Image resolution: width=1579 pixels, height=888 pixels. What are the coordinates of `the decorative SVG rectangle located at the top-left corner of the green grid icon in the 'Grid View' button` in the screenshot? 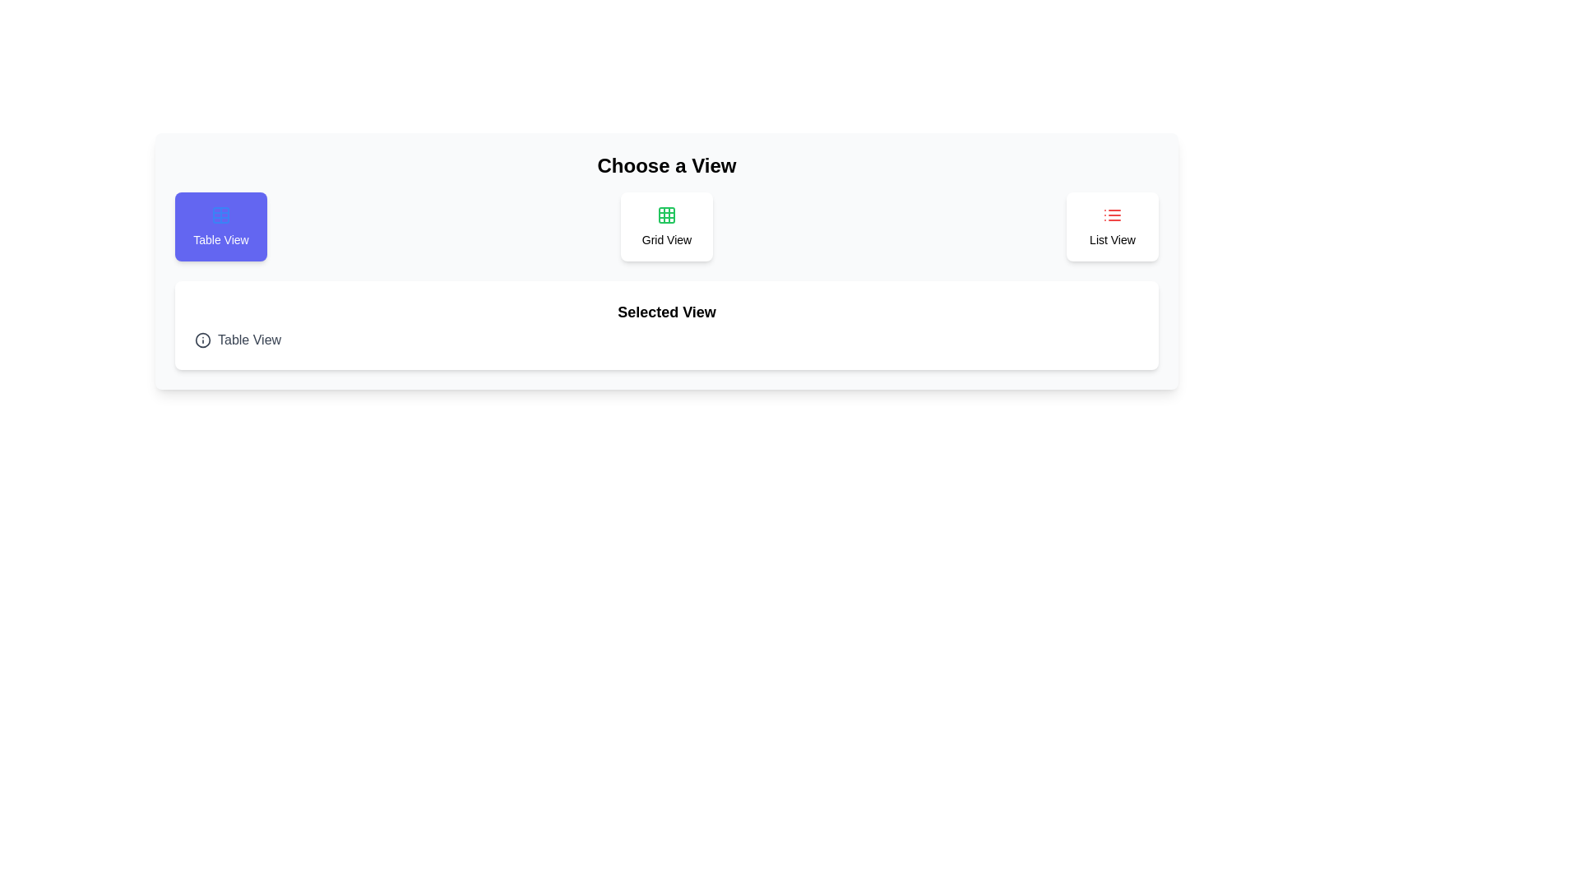 It's located at (667, 215).